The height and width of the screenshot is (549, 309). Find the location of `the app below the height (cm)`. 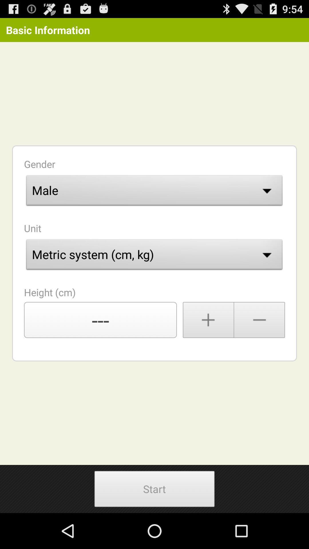

the app below the height (cm) is located at coordinates (100, 319).